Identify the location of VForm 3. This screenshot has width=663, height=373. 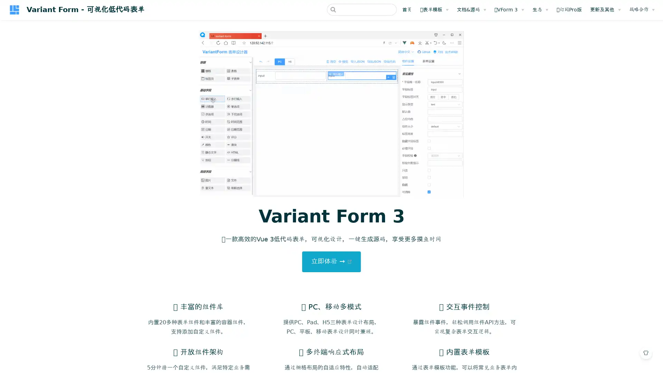
(509, 9).